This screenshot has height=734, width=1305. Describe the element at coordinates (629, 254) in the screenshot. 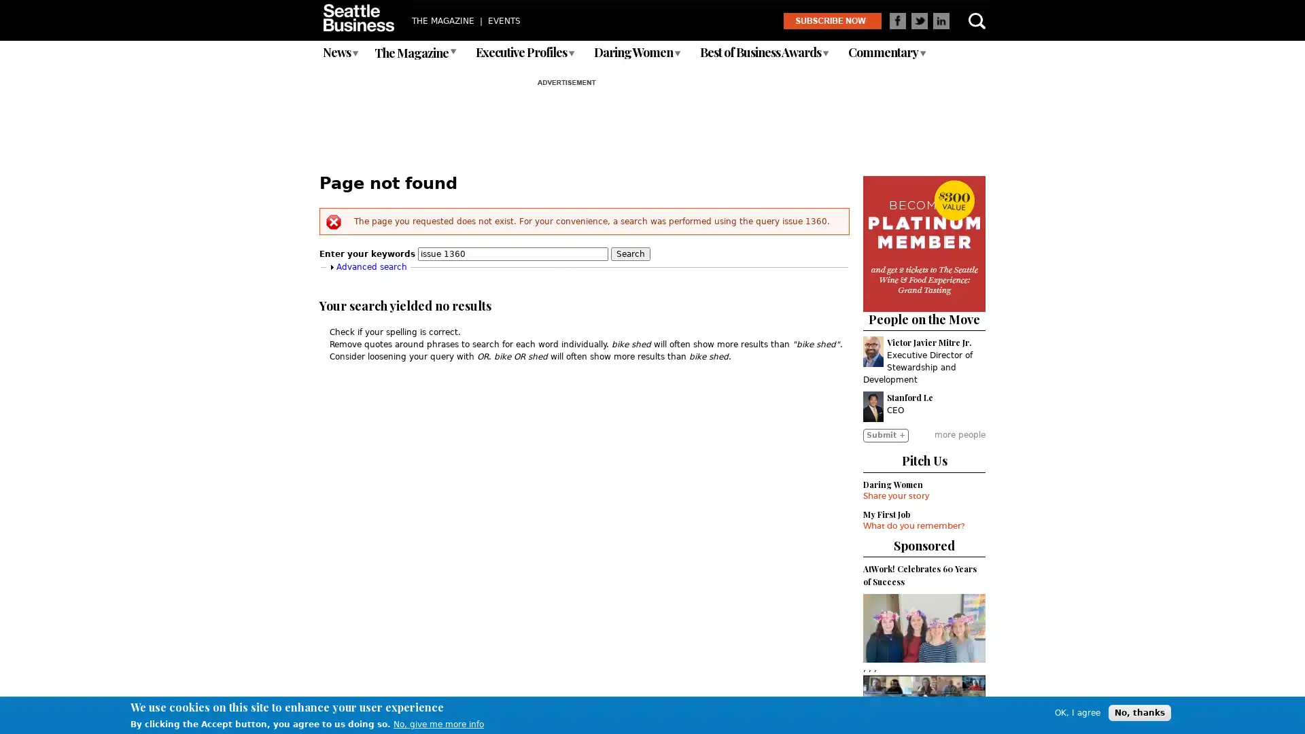

I see `Search` at that location.